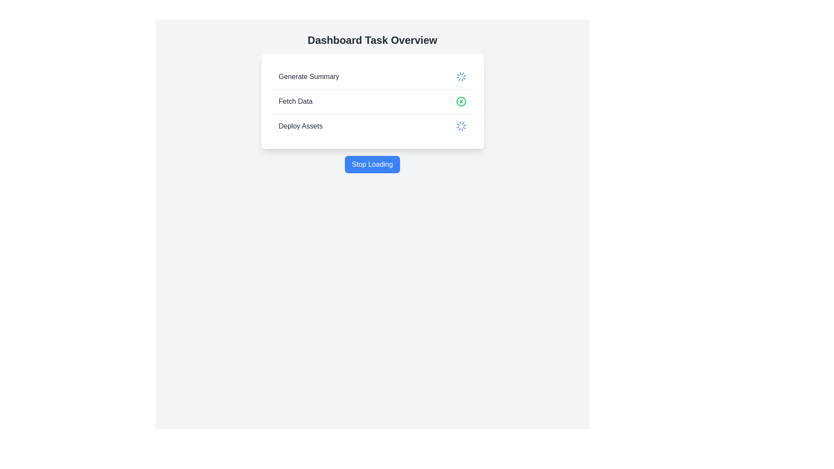 Image resolution: width=834 pixels, height=469 pixels. Describe the element at coordinates (372, 164) in the screenshot. I see `the rectangular blue button labeled 'Stop Loading'` at that location.